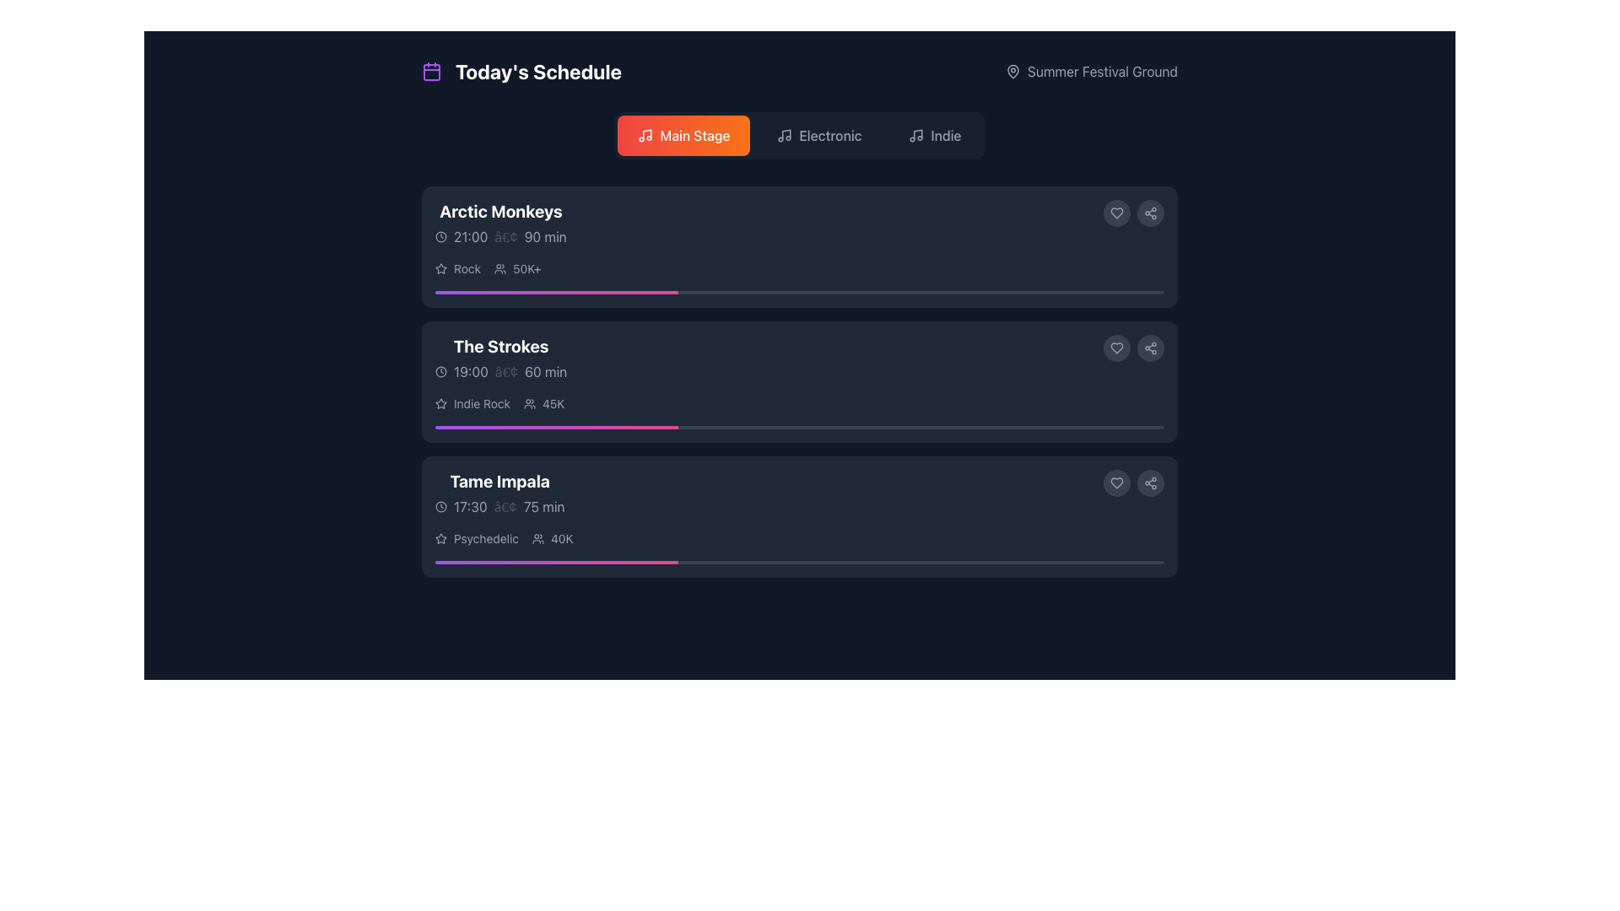 This screenshot has width=1620, height=911. I want to click on the 'Electronic' genre icon located at the top-right of the interface within the horizontal navigation menu, so click(784, 135).